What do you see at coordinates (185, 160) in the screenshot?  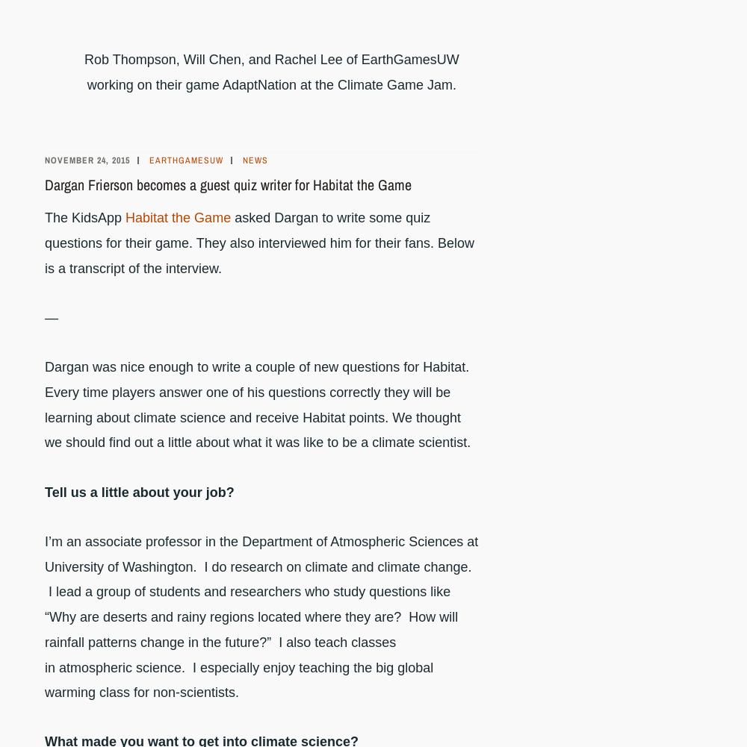 I see `'earthgamesuw'` at bounding box center [185, 160].